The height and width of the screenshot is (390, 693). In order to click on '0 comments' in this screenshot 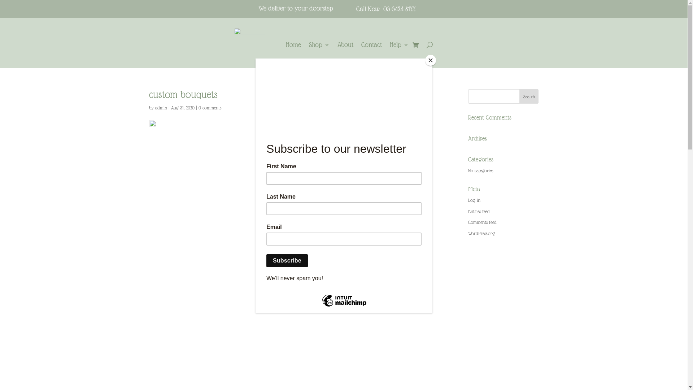, I will do `click(209, 108)`.